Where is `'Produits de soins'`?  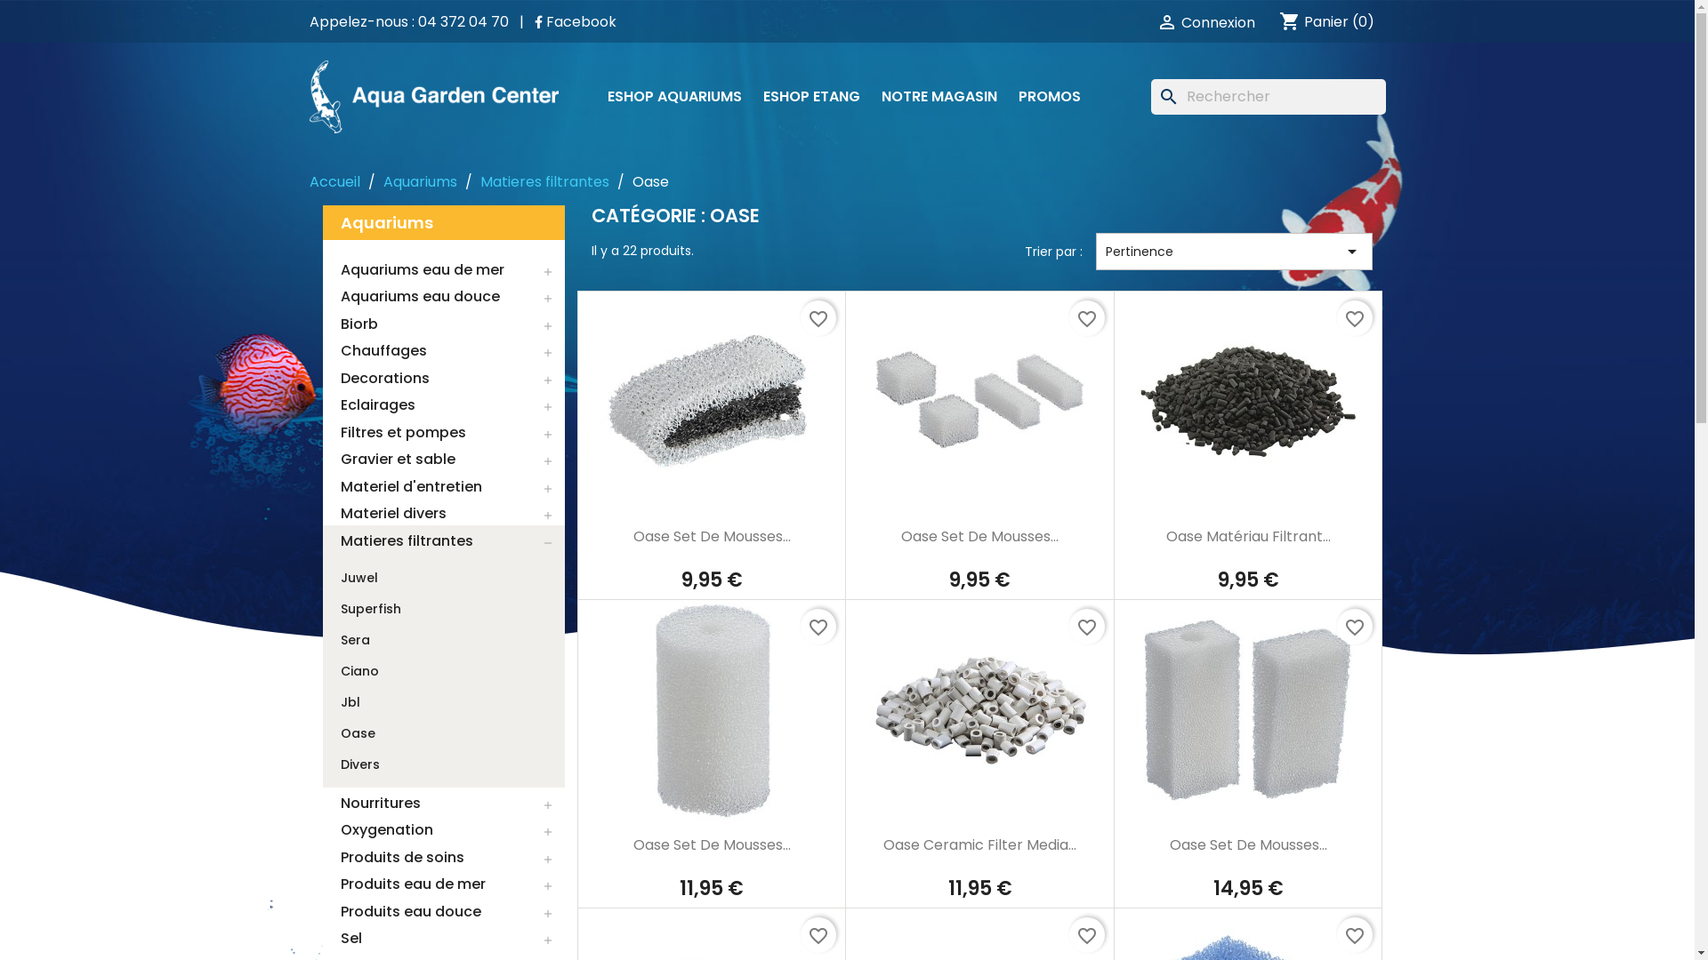
'Produits de soins' is located at coordinates (443, 856).